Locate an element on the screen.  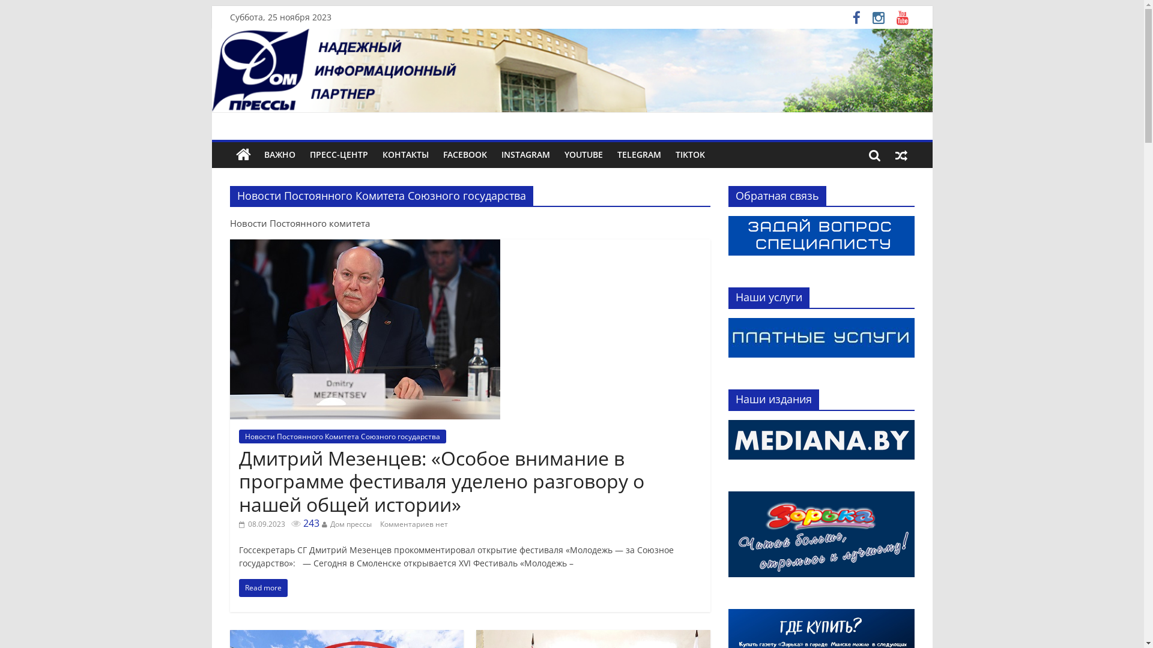
'INSTAGRAM' is located at coordinates (525, 154).